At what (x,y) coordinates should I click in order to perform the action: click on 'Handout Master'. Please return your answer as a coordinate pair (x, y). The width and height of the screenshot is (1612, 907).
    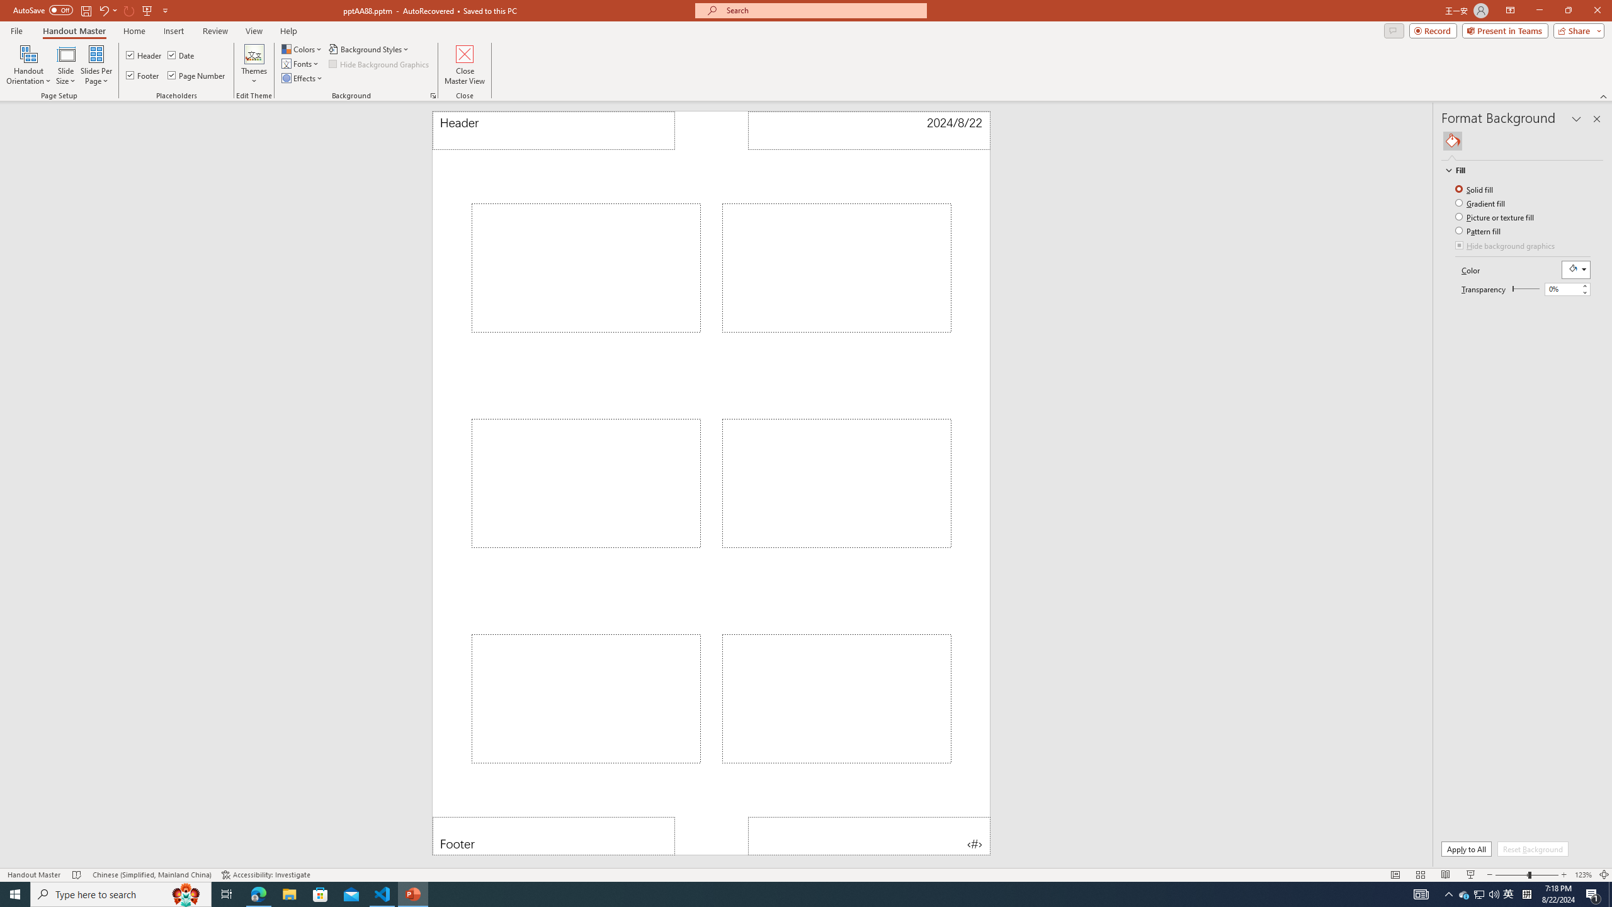
    Looking at the image, I should click on (74, 31).